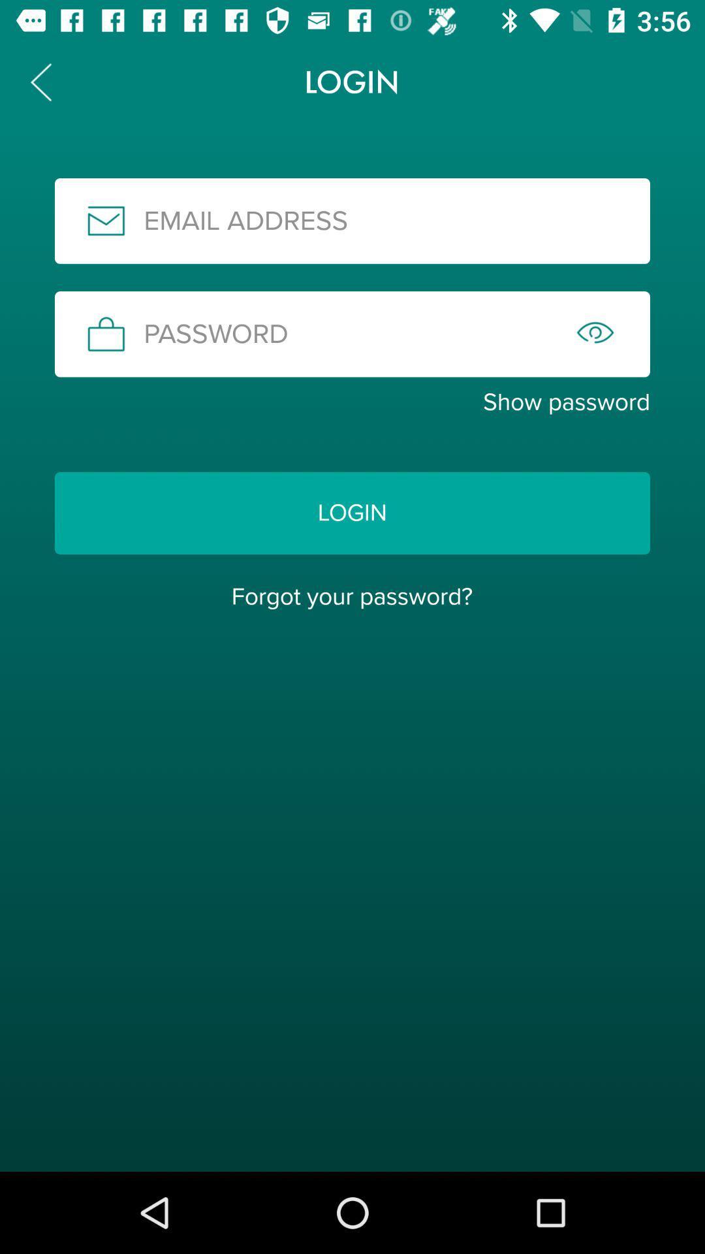  What do you see at coordinates (40, 81) in the screenshot?
I see `the arrow_backward icon` at bounding box center [40, 81].